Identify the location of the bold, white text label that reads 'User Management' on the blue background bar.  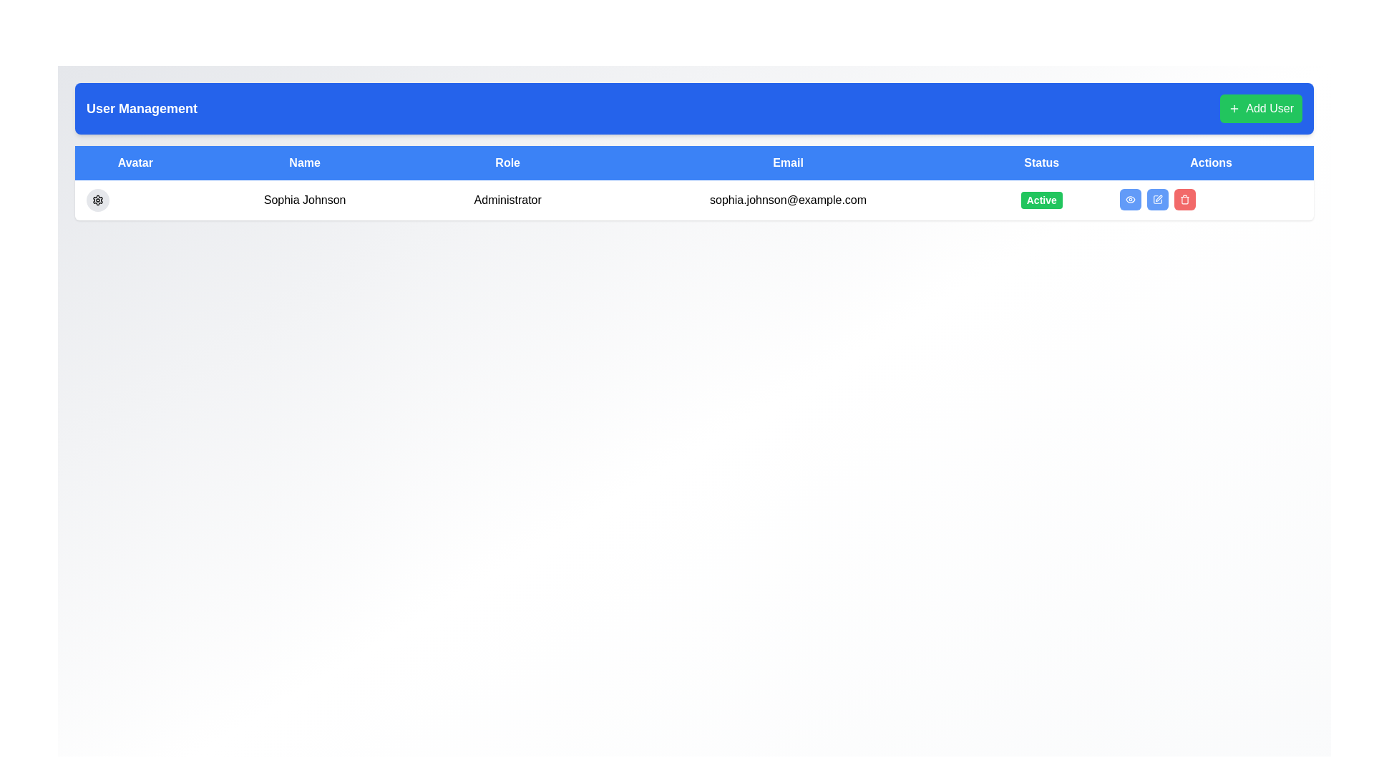
(142, 107).